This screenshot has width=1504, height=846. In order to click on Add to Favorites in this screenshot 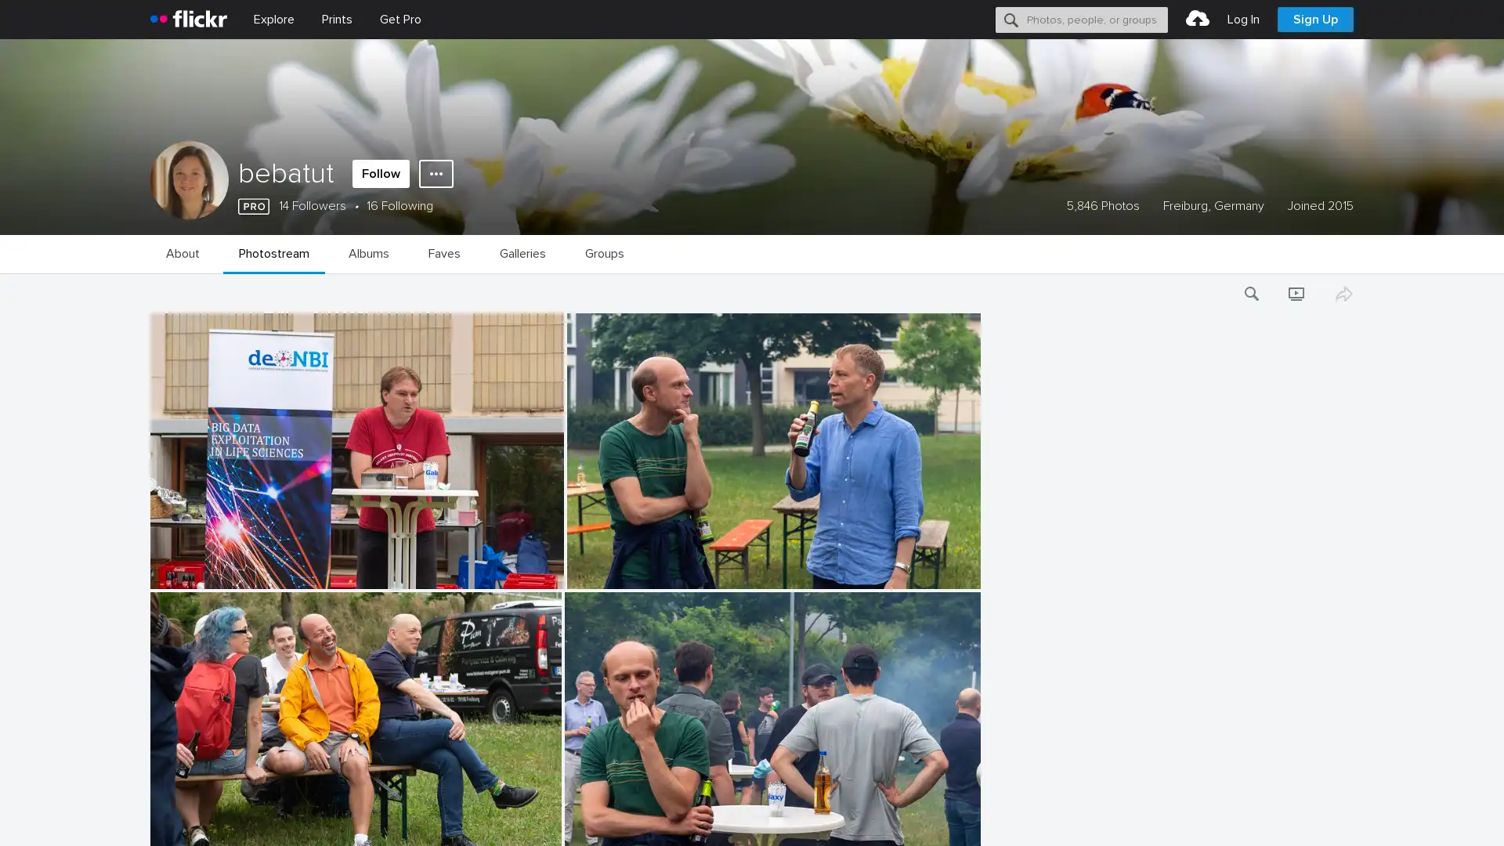, I will do `click(512, 567)`.